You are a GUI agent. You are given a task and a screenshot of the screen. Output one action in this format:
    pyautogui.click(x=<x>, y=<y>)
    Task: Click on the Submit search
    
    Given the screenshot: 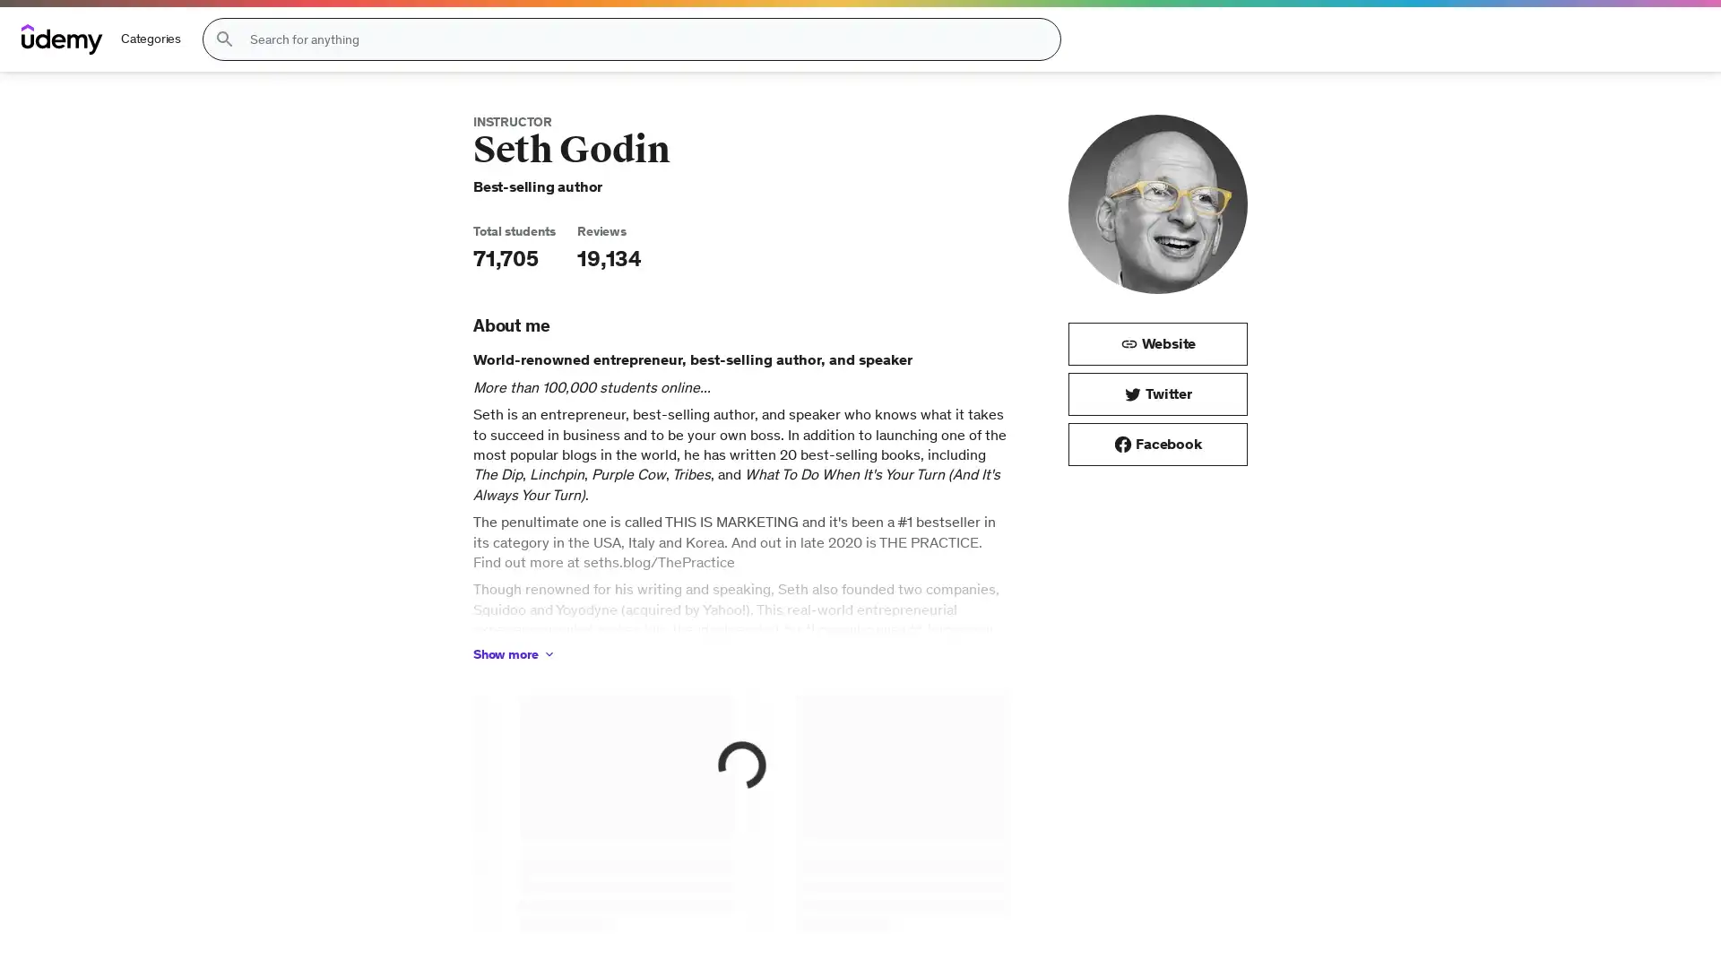 What is the action you would take?
    pyautogui.click(x=223, y=39)
    